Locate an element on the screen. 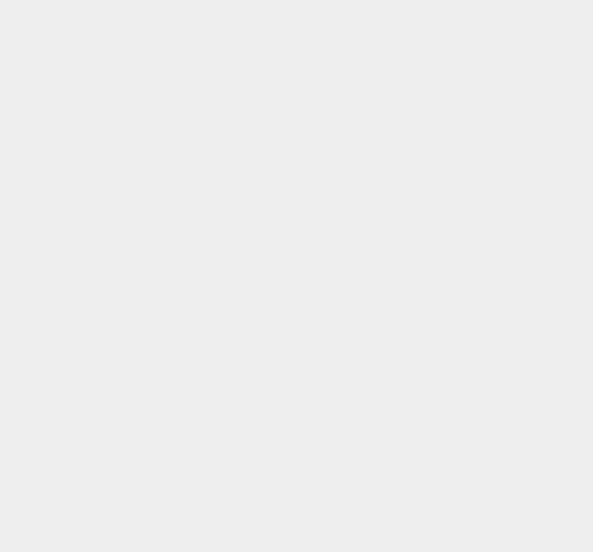 The width and height of the screenshot is (593, 552). 'Jitterbug Touch' is located at coordinates (444, 259).